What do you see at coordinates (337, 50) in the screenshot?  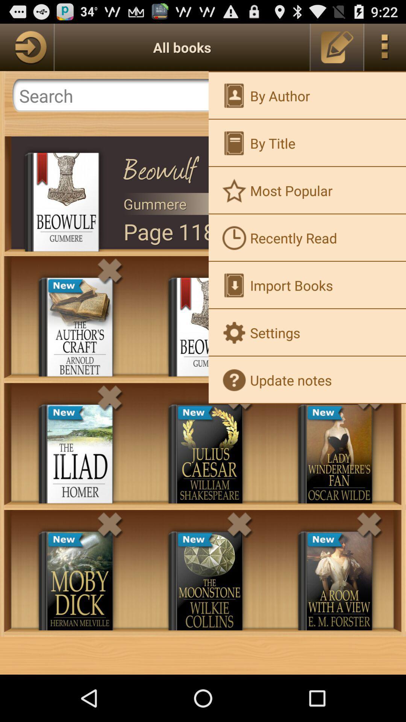 I see `the edit icon` at bounding box center [337, 50].